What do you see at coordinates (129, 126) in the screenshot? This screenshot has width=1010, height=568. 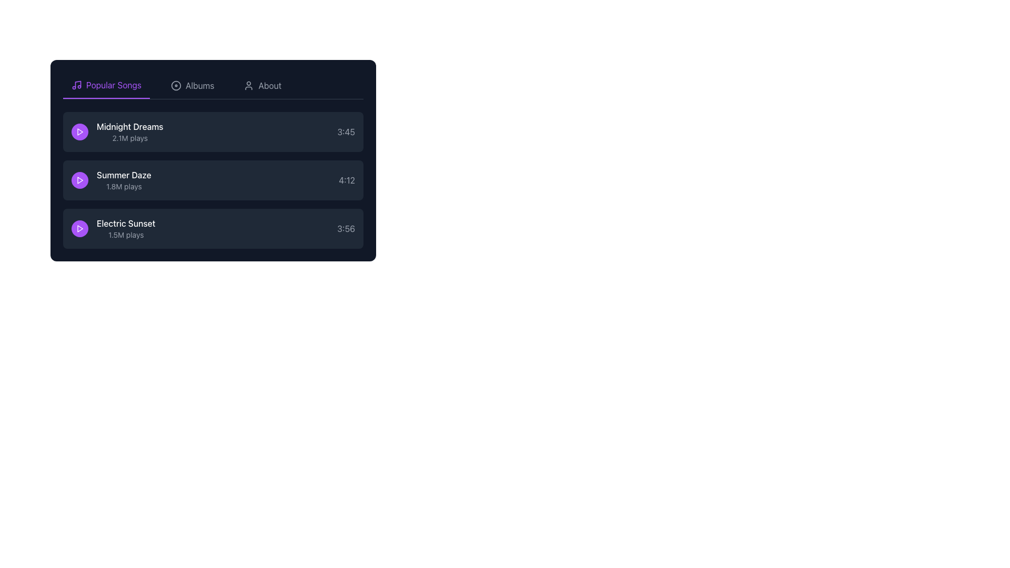 I see `text label 'Midnight Dreams', which is styled in white color against a dark background and is the leftmost component in its row, positioned above '2.1M plays' and to the right of the circular purple play icon` at bounding box center [129, 126].